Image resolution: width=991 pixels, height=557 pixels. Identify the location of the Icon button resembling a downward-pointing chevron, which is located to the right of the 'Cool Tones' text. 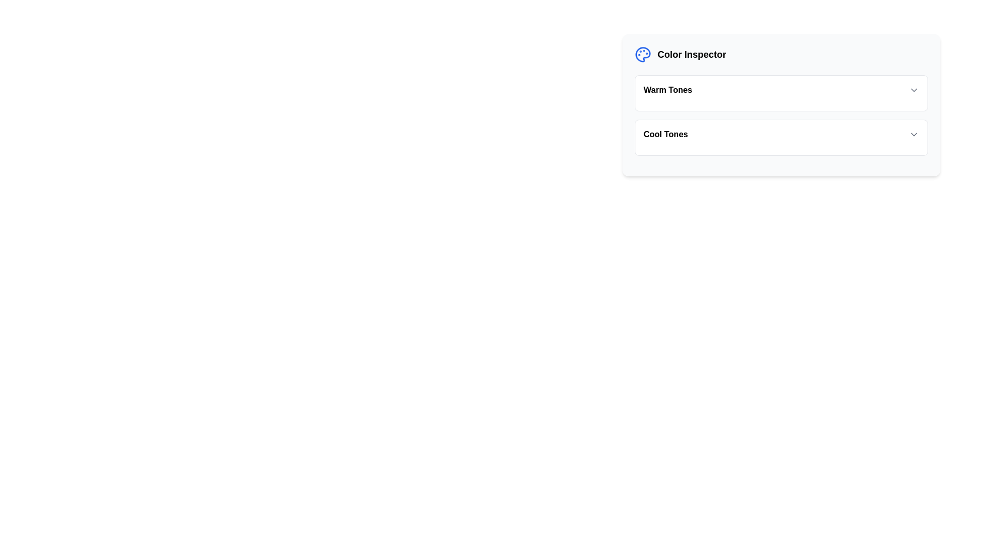
(914, 134).